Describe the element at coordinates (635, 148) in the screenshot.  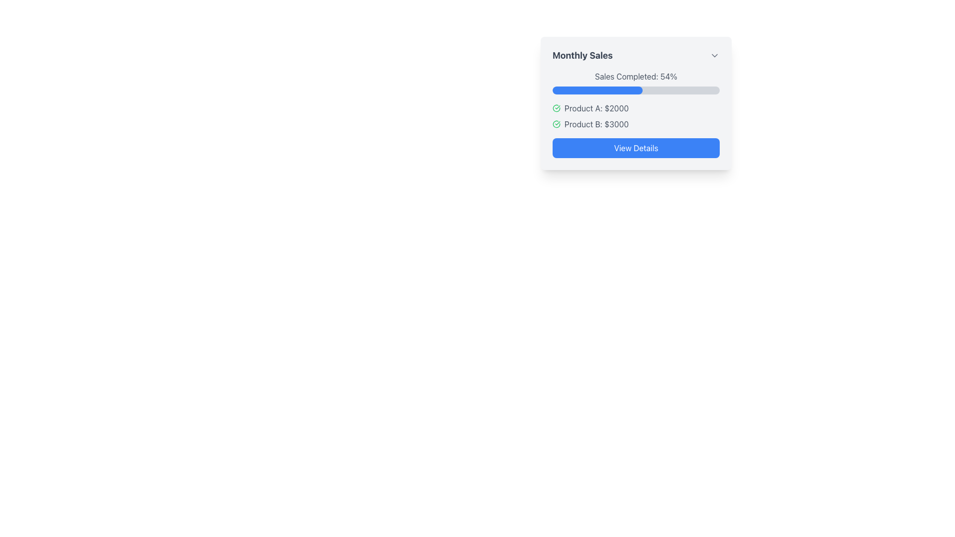
I see `the button located at the bottom of the sales information panel` at that location.